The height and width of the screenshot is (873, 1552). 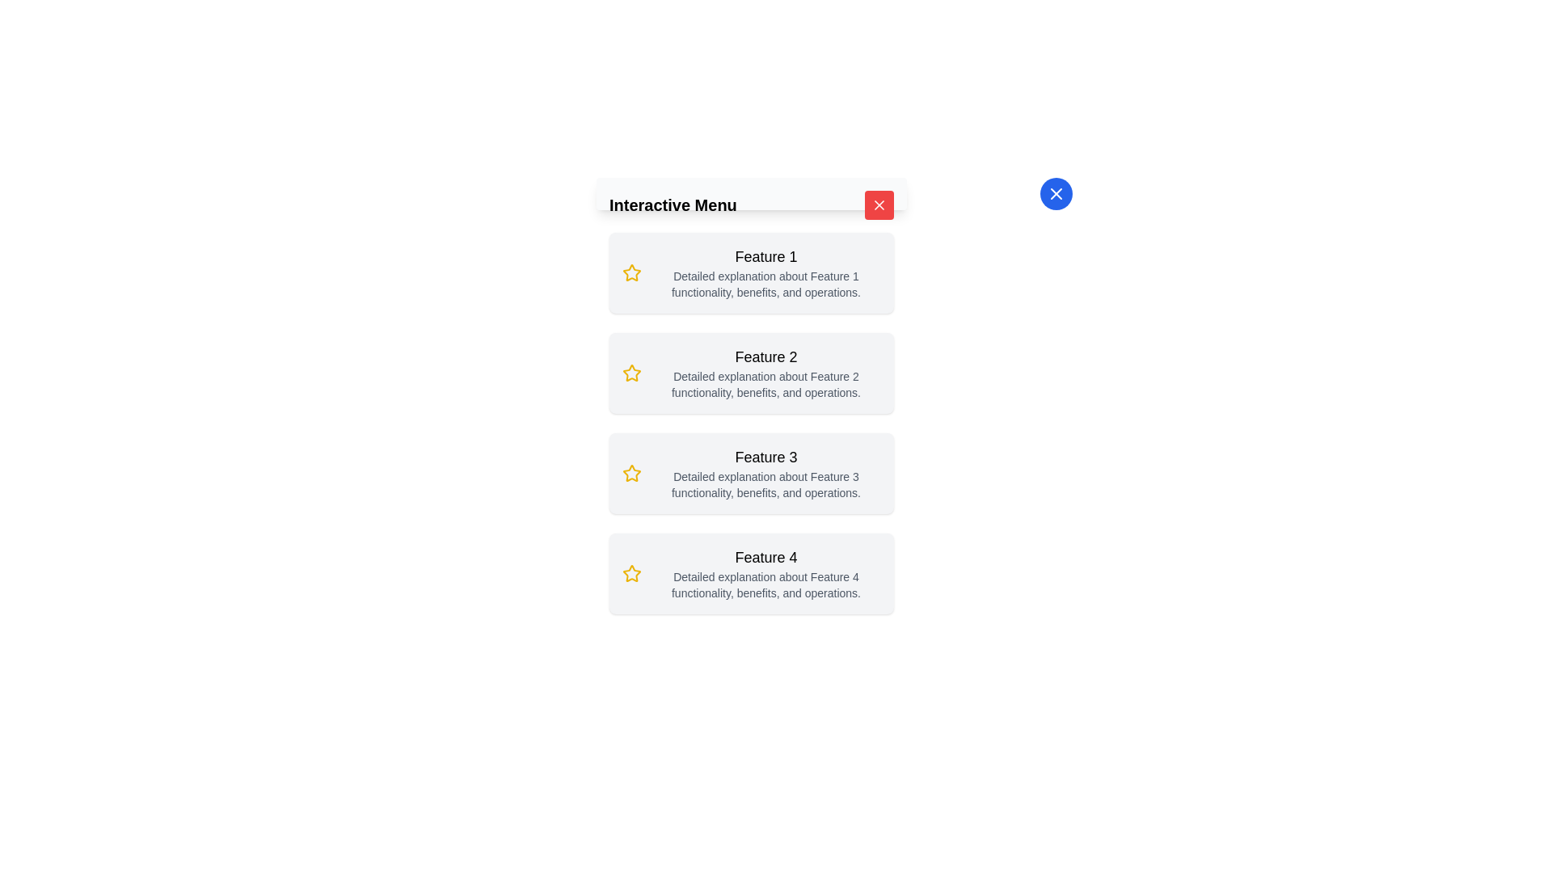 What do you see at coordinates (1056, 192) in the screenshot?
I see `the small circular blue button with a white 'X' icon` at bounding box center [1056, 192].